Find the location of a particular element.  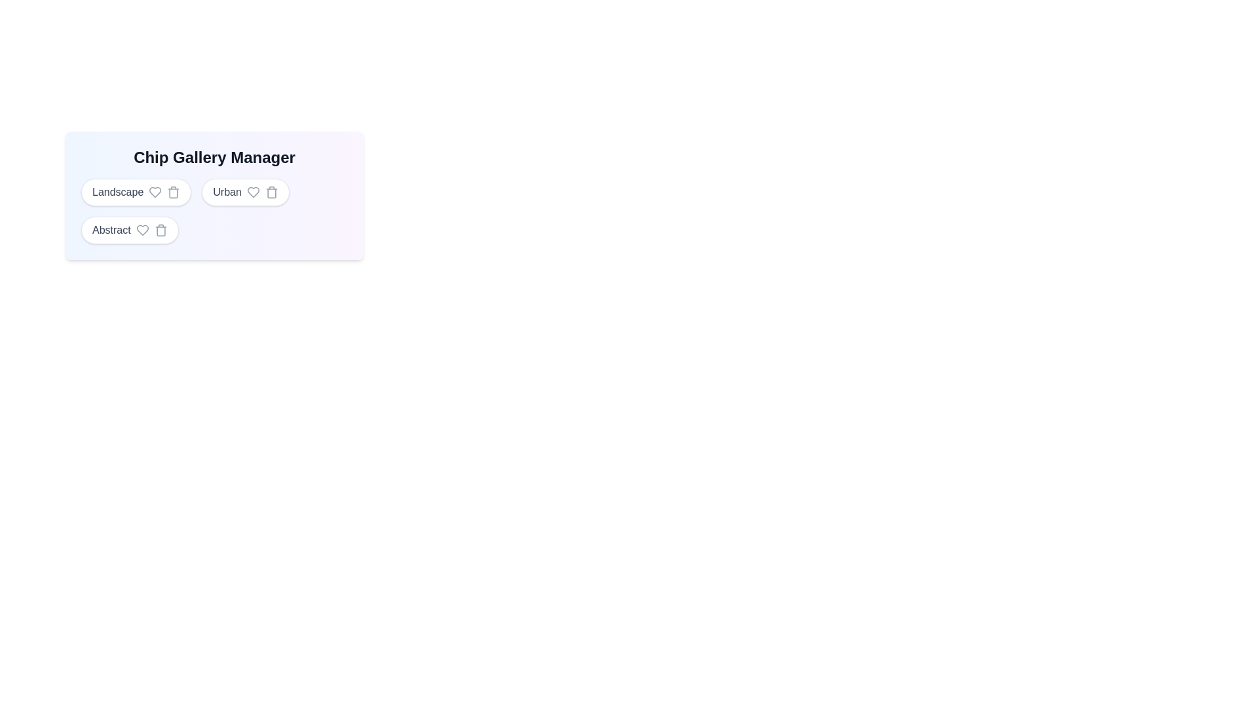

the heart icon of the chip labeled Landscape to toggle its liked state is located at coordinates (155, 192).